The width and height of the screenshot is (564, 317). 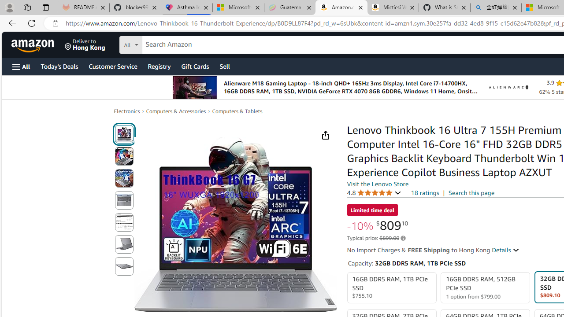 What do you see at coordinates (237, 111) in the screenshot?
I see `'Computers & Tablets'` at bounding box center [237, 111].